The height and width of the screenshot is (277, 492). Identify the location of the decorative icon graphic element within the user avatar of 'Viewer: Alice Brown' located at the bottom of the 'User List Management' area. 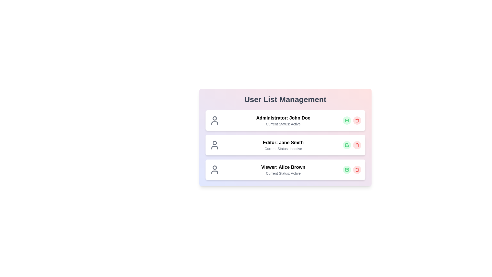
(214, 172).